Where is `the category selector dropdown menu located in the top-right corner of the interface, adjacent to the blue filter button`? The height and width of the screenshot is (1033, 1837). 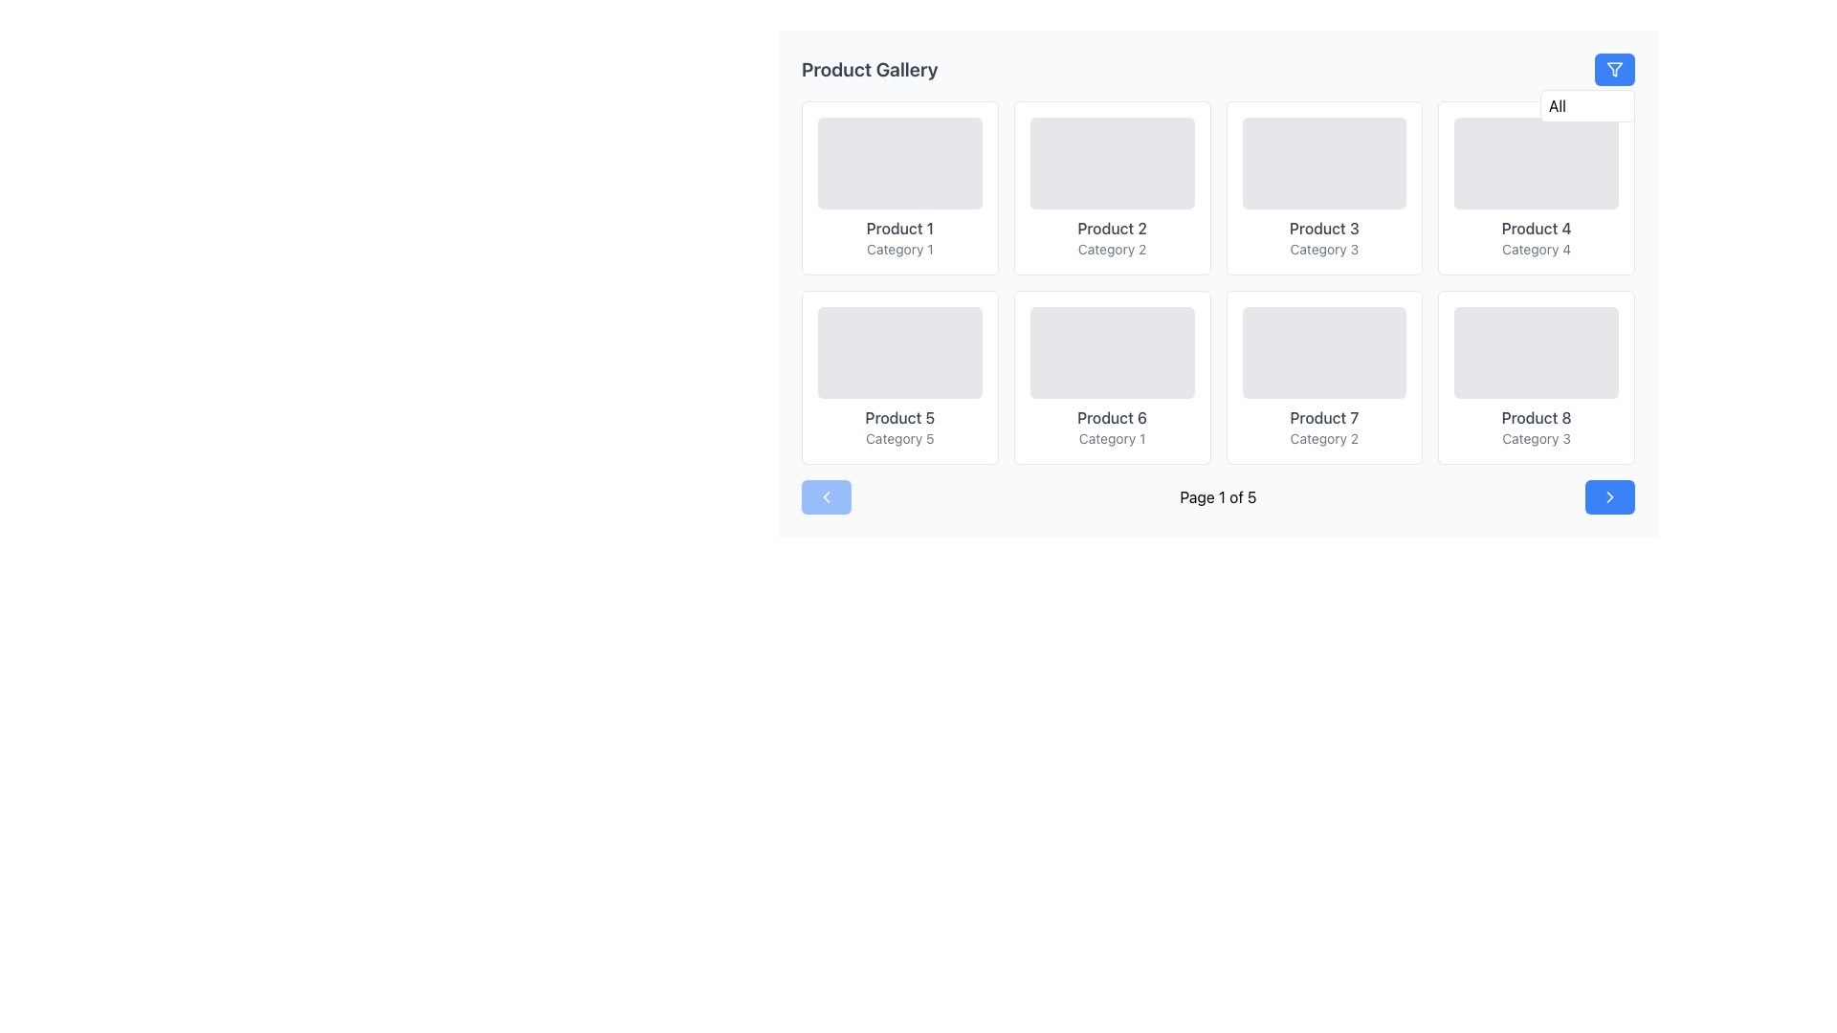 the category selector dropdown menu located in the top-right corner of the interface, adjacent to the blue filter button is located at coordinates (1587, 106).